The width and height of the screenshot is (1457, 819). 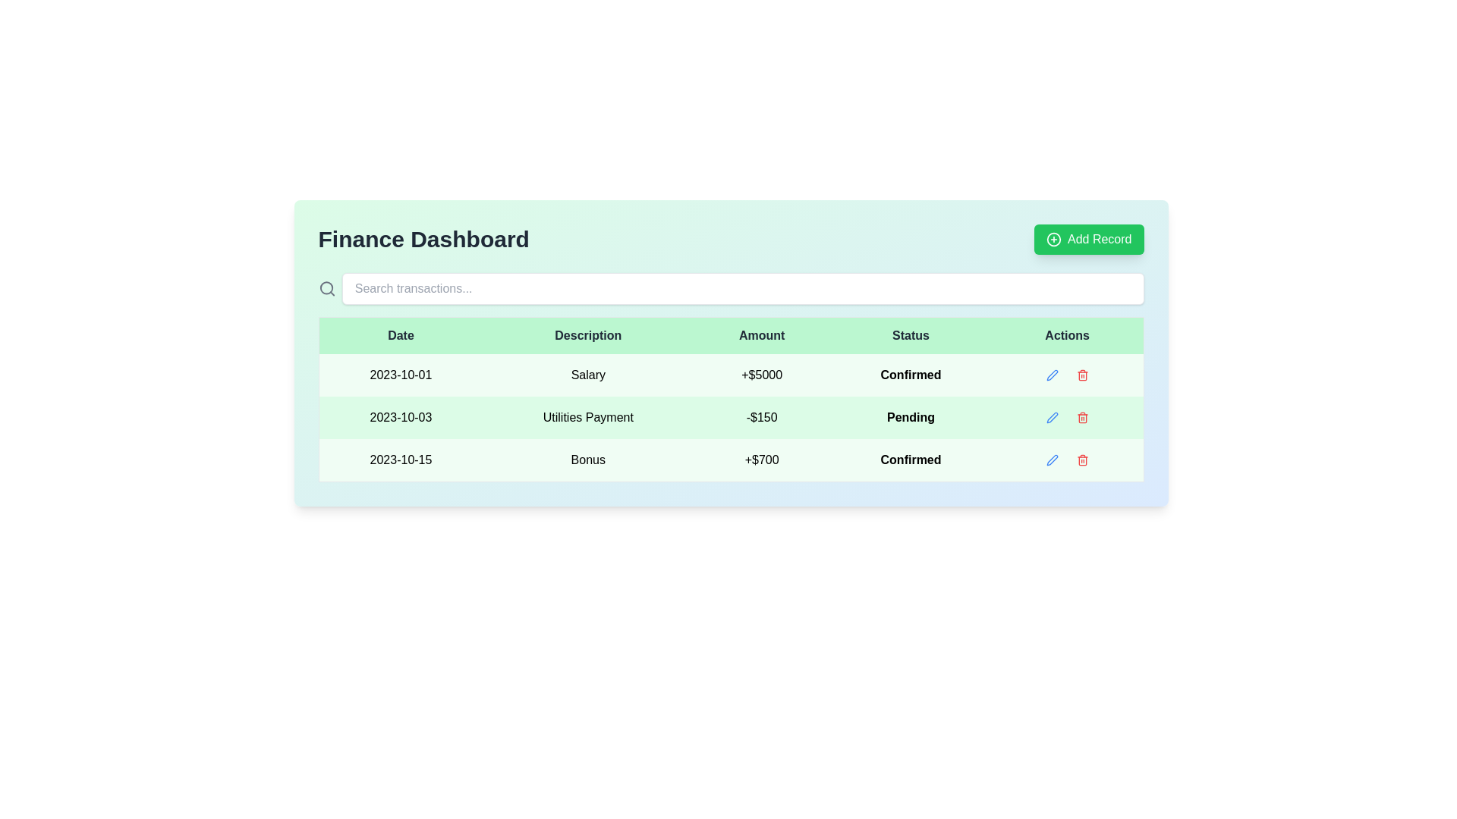 I want to click on the bolded text label displaying 'Confirmed' in the first row of the transaction table, located in the fourth column under the 'Status' column, so click(x=911, y=375).